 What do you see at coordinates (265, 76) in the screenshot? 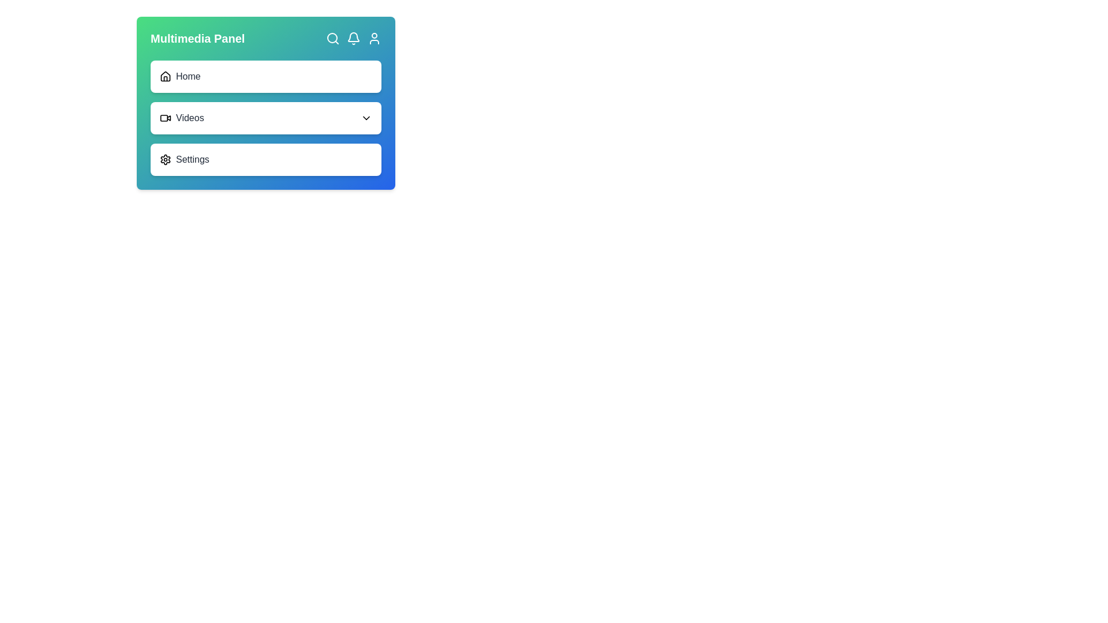
I see `the 'Home' navigation option, which is represented by a horizontal bar with a house icon and gray text` at bounding box center [265, 76].